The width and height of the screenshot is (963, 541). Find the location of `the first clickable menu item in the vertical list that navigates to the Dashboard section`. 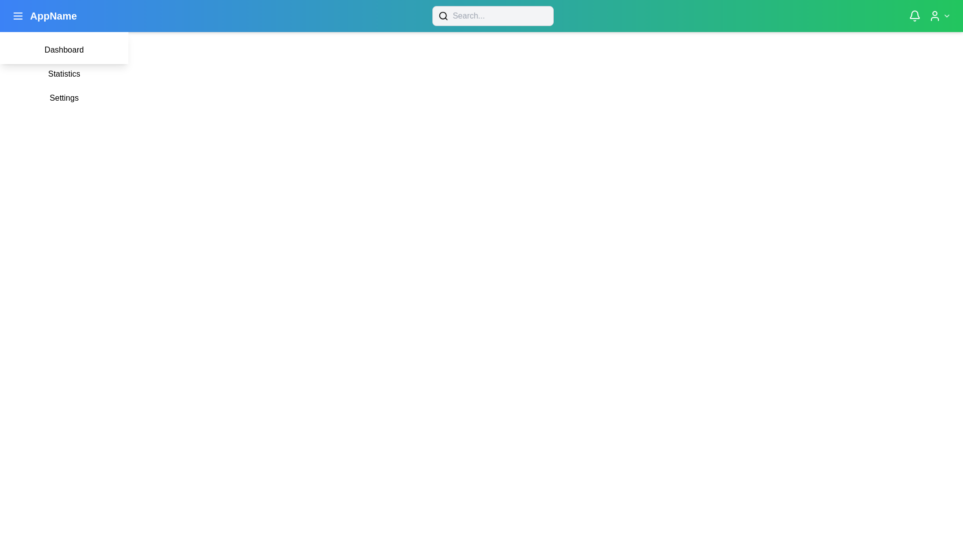

the first clickable menu item in the vertical list that navigates to the Dashboard section is located at coordinates (64, 50).